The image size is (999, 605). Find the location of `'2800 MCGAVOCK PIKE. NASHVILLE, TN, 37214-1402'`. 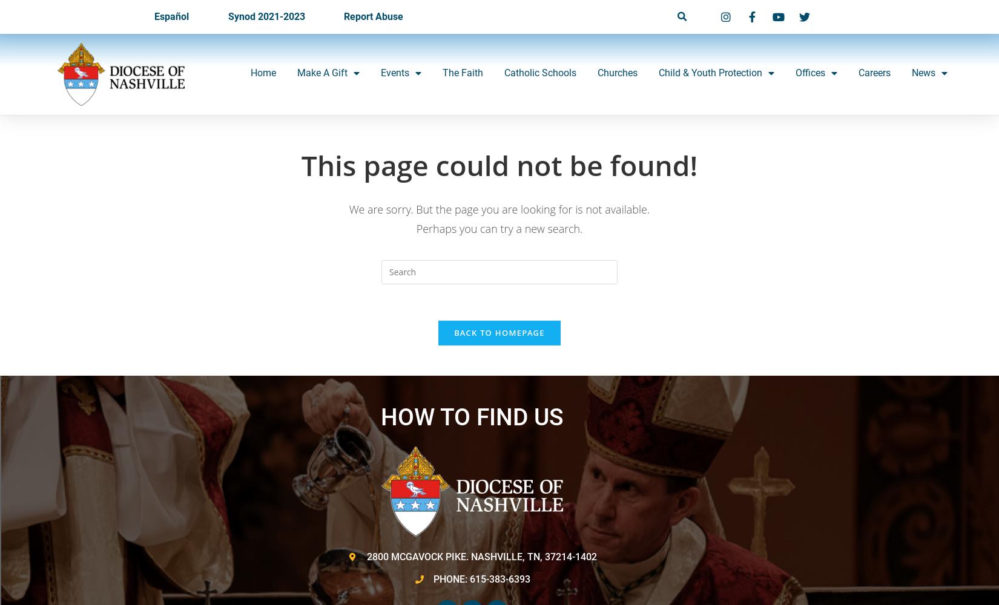

'2800 MCGAVOCK PIKE. NASHVILLE, TN, 37214-1402' is located at coordinates (481, 556).